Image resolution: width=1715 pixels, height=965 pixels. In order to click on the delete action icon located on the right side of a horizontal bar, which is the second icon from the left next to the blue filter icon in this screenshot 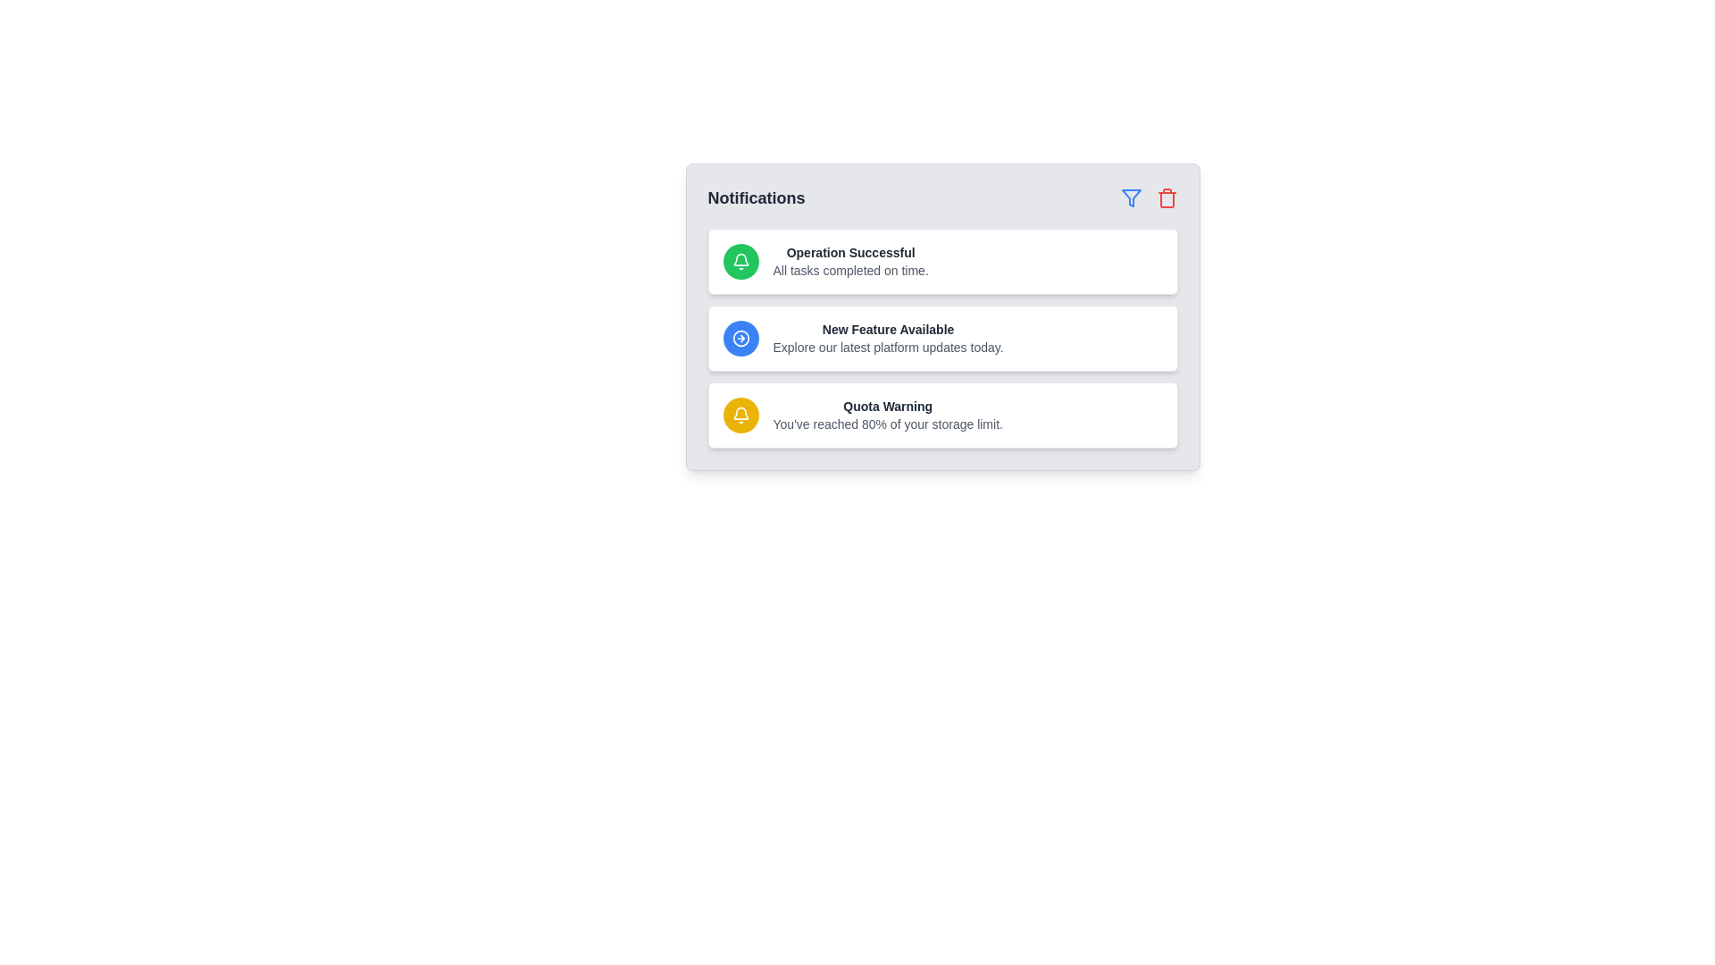, I will do `click(1167, 198)`.